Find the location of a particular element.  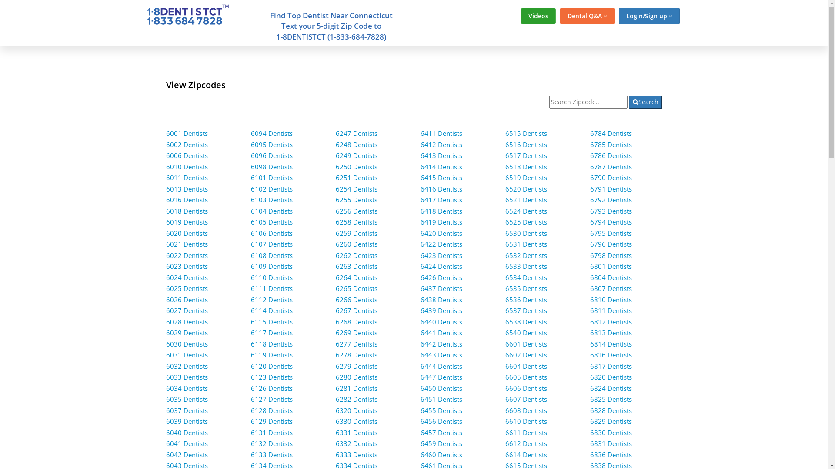

'6456 Dentists' is located at coordinates (420, 420).